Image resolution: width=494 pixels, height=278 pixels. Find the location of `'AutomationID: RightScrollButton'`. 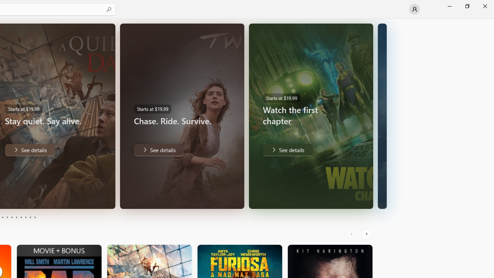

'AutomationID: RightScrollButton' is located at coordinates (367, 234).